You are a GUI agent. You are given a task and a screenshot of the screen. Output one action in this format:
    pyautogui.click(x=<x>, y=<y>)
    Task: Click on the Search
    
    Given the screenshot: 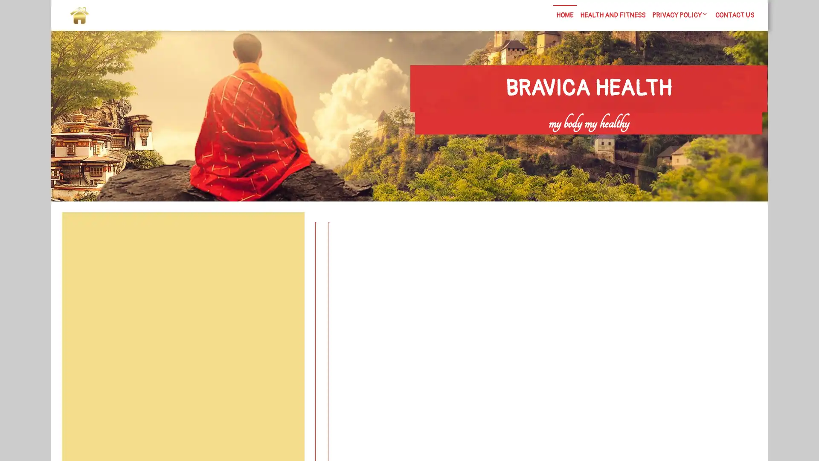 What is the action you would take?
    pyautogui.click(x=285, y=233)
    